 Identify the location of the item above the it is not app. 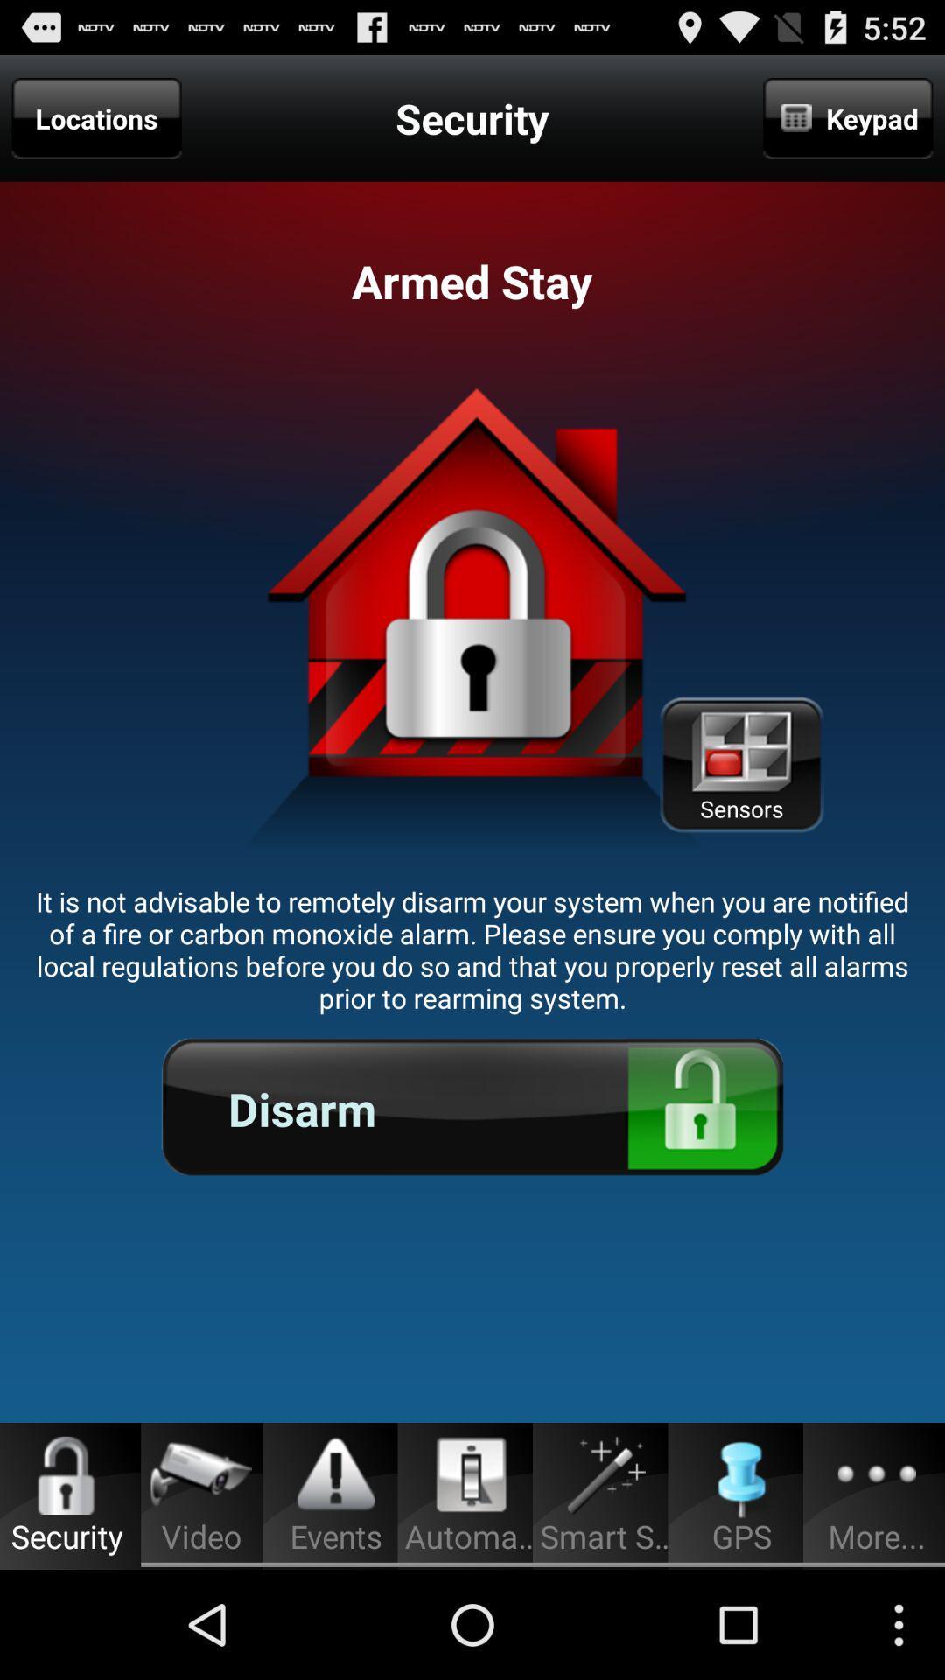
(96, 117).